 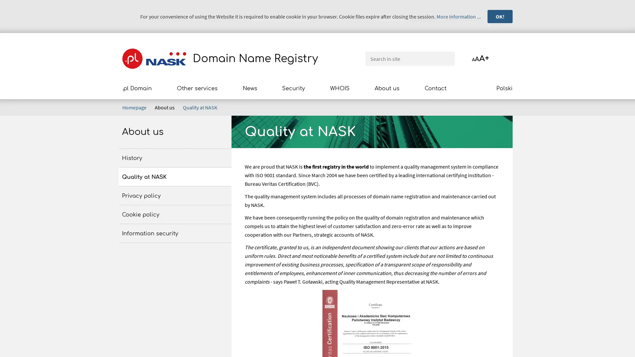 What do you see at coordinates (446, 58) in the screenshot?
I see `Search` at bounding box center [446, 58].